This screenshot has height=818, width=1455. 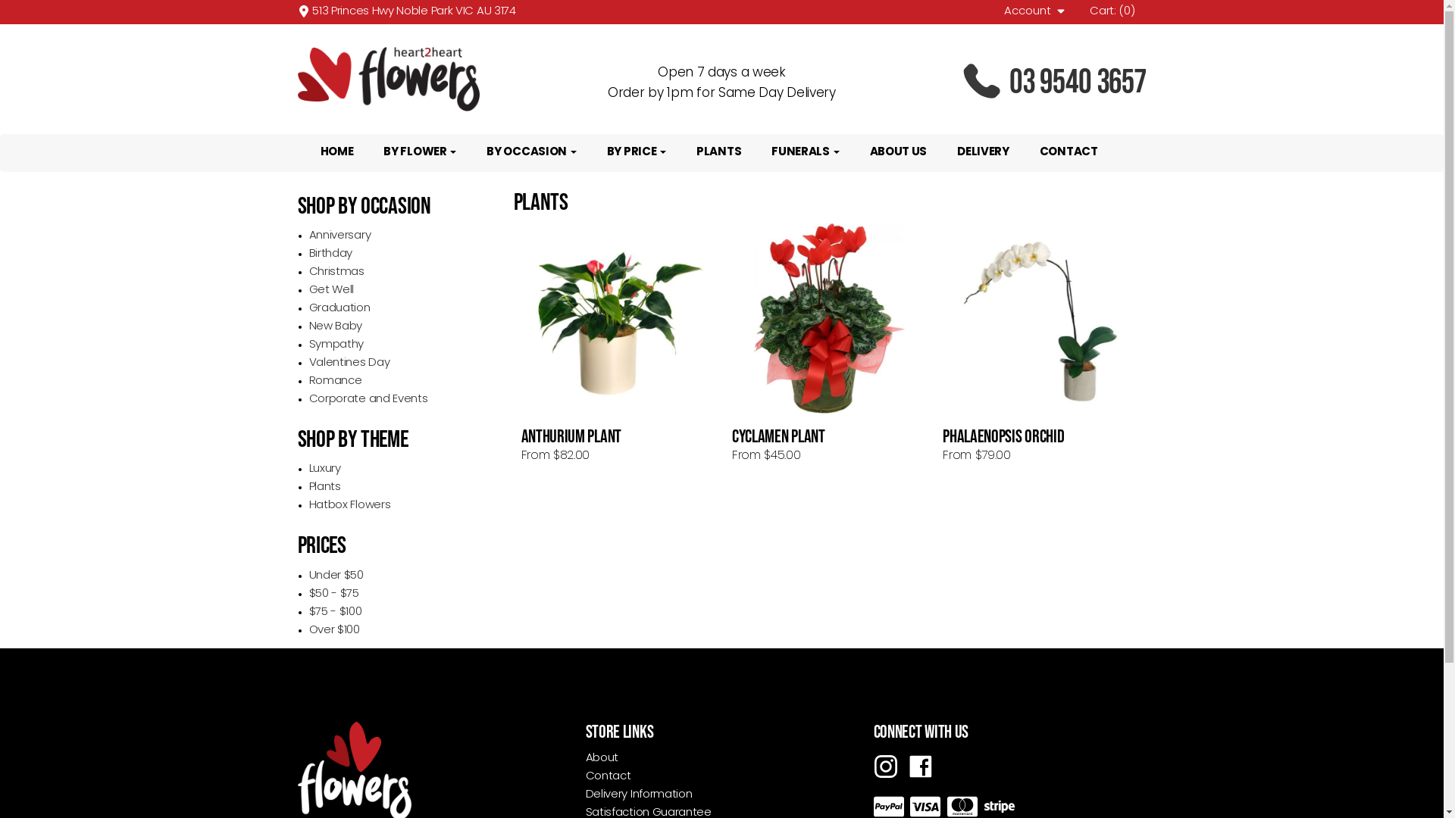 What do you see at coordinates (368, 152) in the screenshot?
I see `'BY FLOWER'` at bounding box center [368, 152].